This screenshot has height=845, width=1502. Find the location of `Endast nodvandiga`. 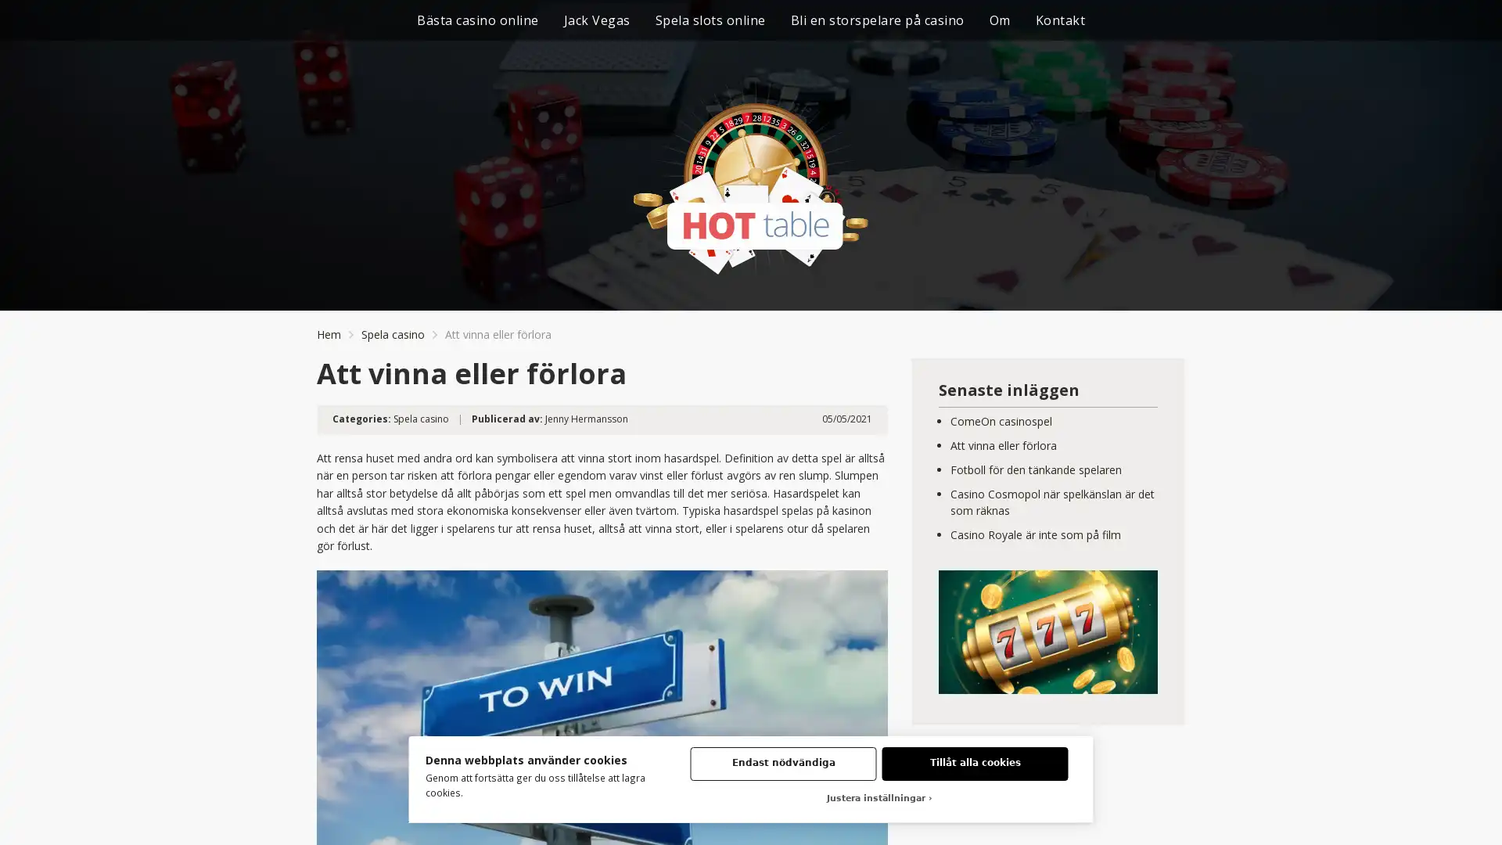

Endast nodvandiga is located at coordinates (783, 762).